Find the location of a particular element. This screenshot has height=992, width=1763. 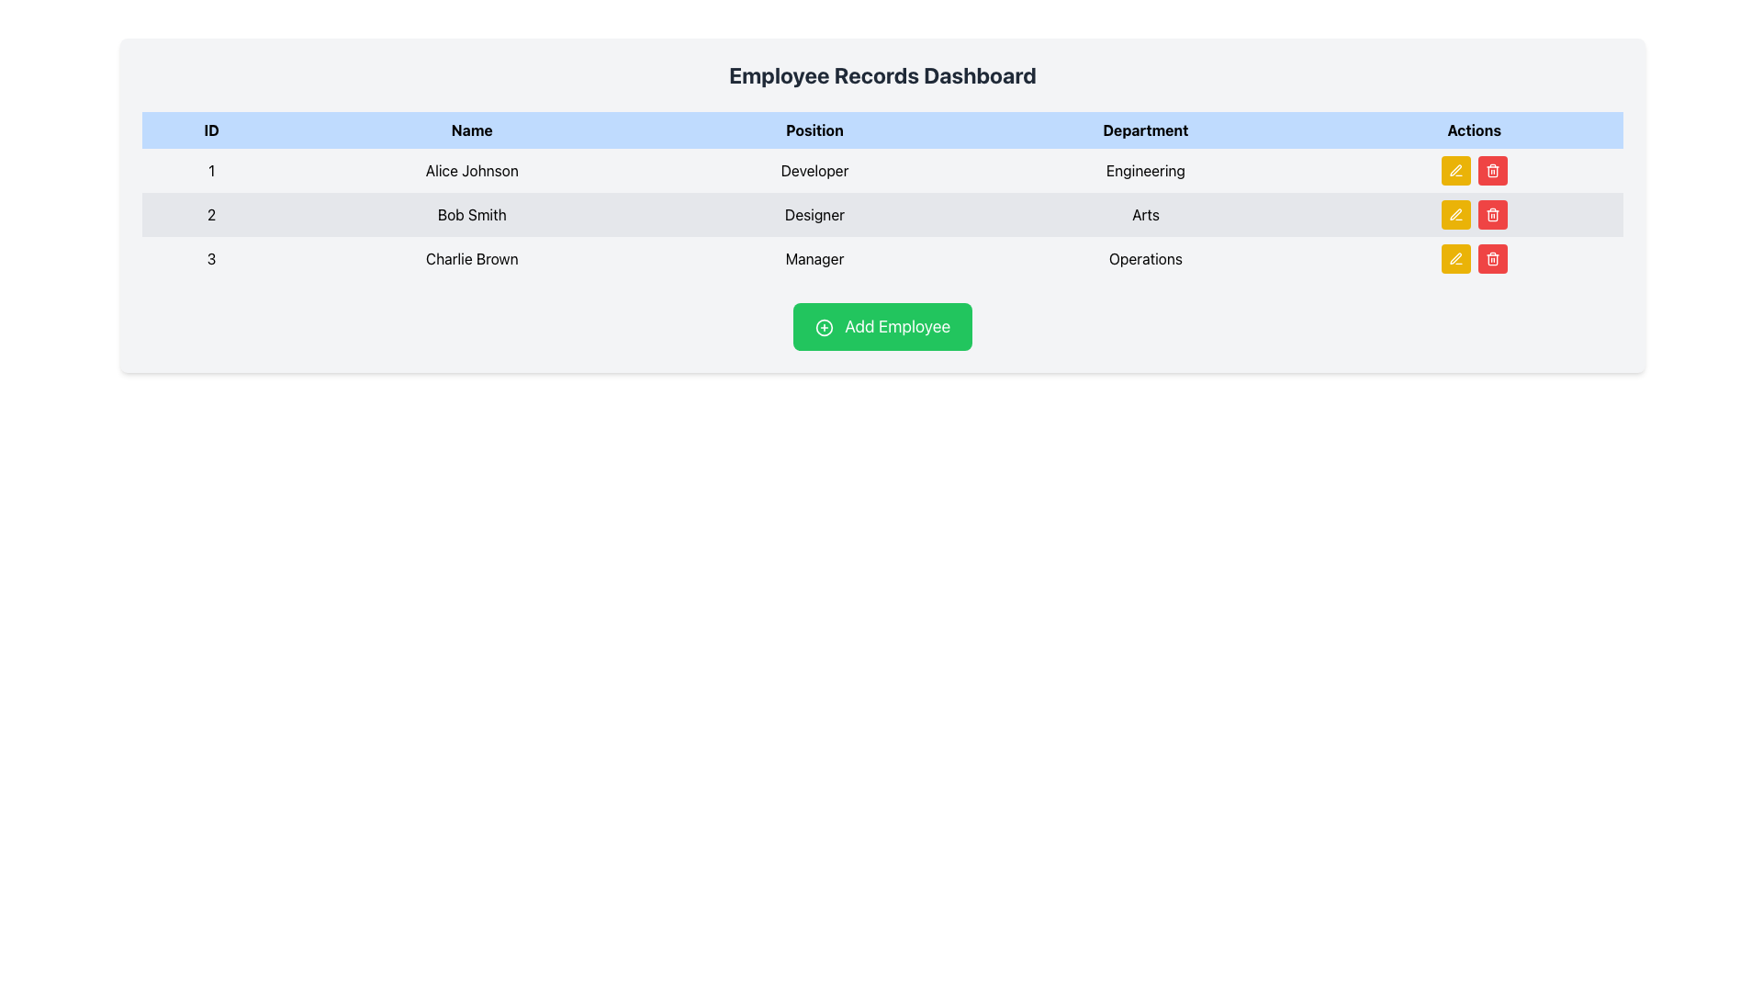

the edit icon button located in the second row under the 'Actions' column of the table is located at coordinates (1454, 213).